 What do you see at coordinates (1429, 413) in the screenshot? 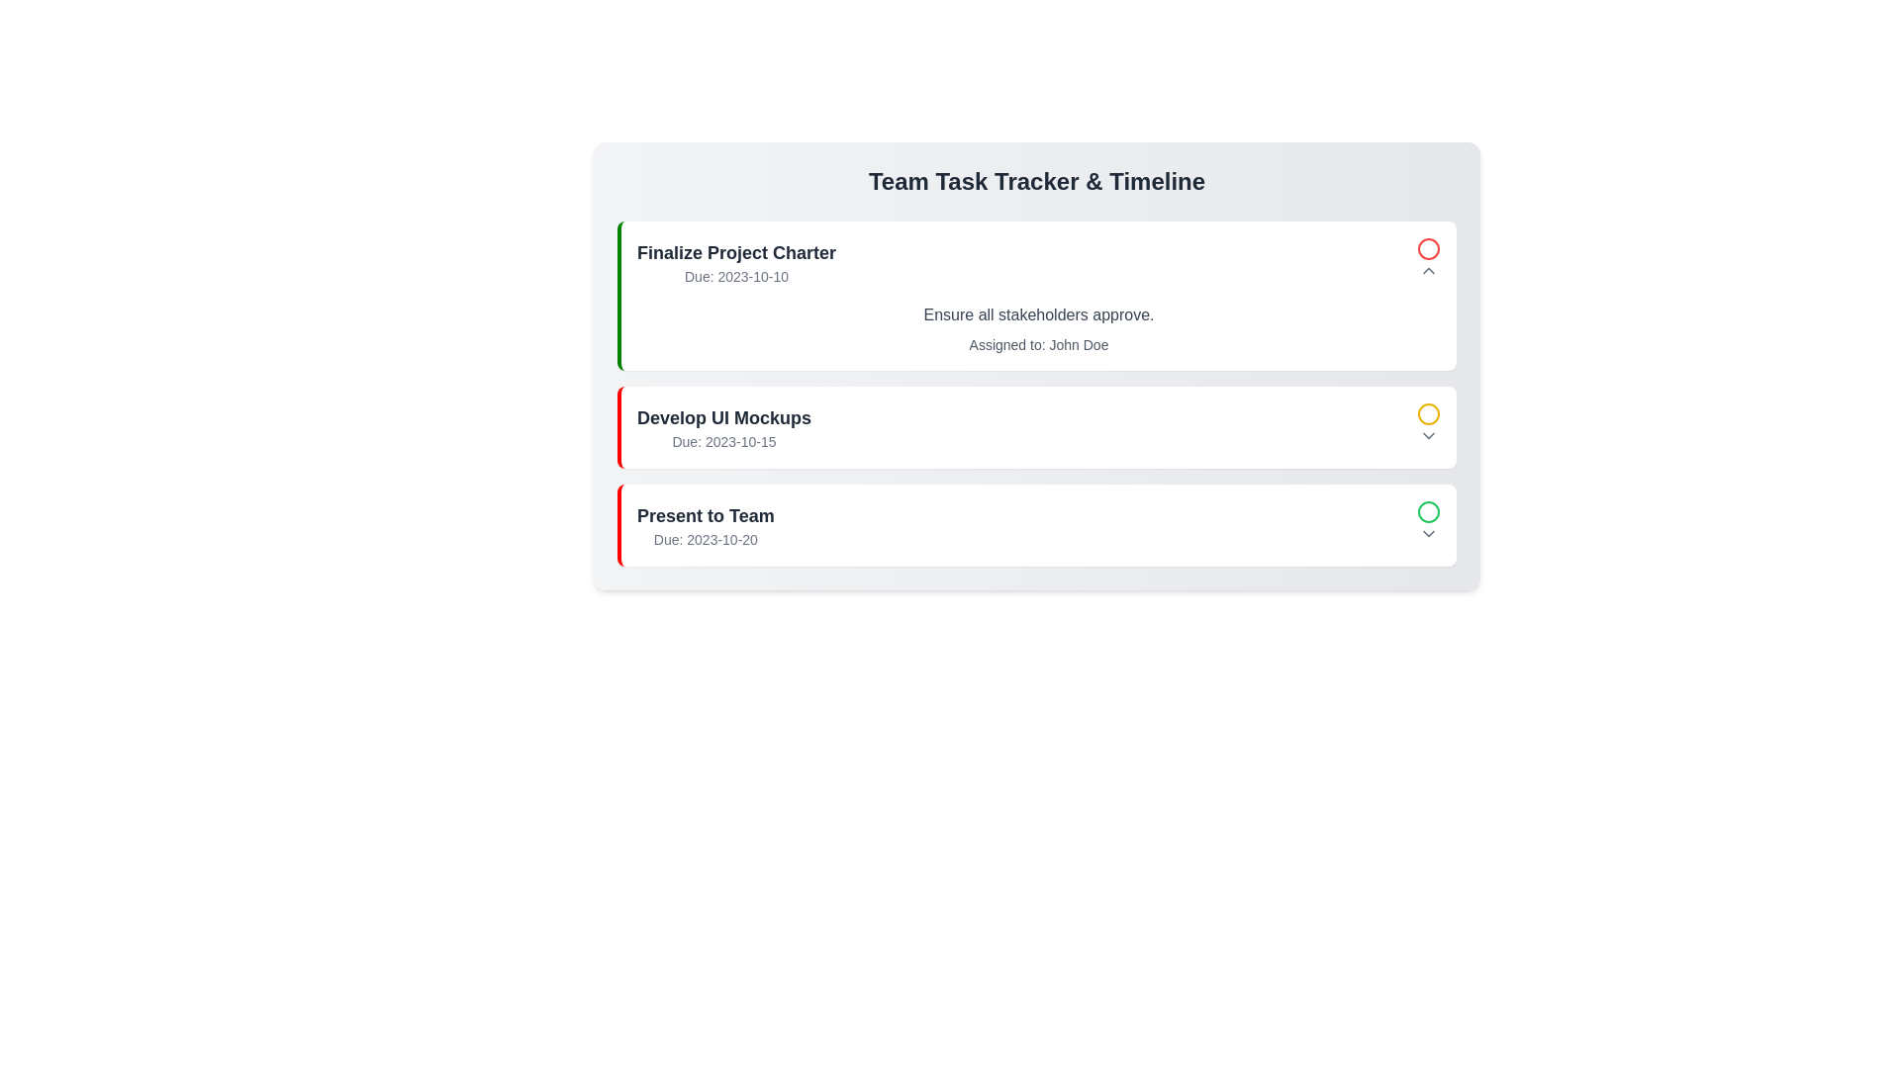
I see `the second circular graphic indicator in the task list, positioned adjacent to the 'Develop UI Mockups' task` at bounding box center [1429, 413].